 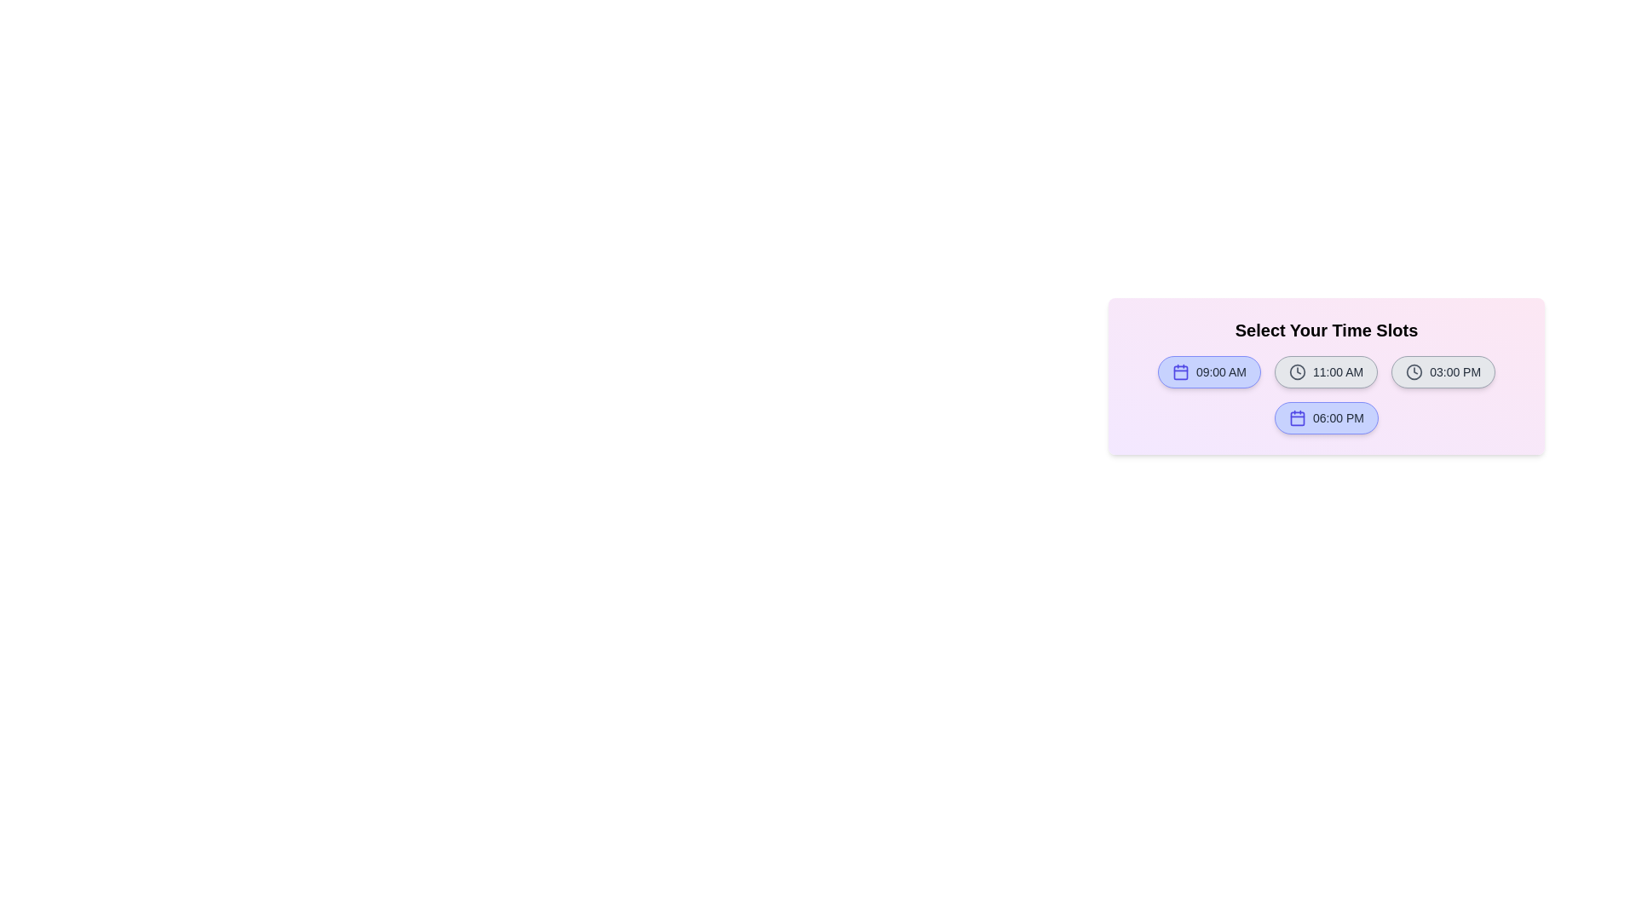 I want to click on the time slot labeled 06:00 PM, so click(x=1325, y=417).